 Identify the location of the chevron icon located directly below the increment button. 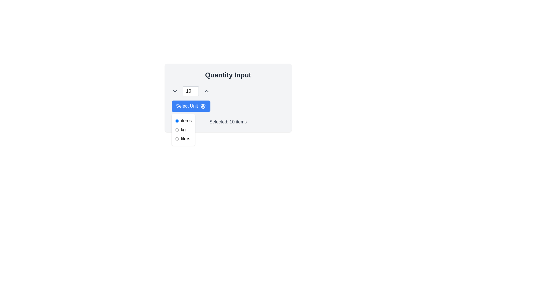
(206, 91).